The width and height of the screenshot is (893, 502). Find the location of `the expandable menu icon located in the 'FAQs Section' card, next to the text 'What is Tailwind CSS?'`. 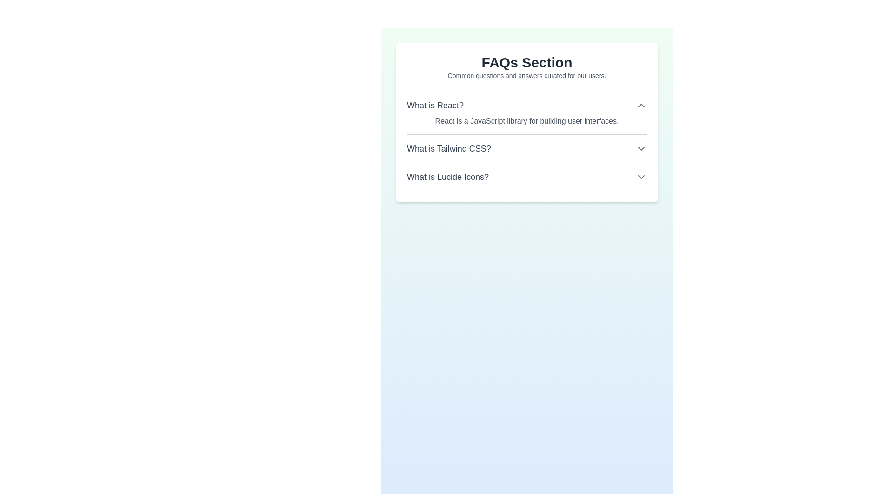

the expandable menu icon located in the 'FAQs Section' card, next to the text 'What is Tailwind CSS?' is located at coordinates (640, 148).